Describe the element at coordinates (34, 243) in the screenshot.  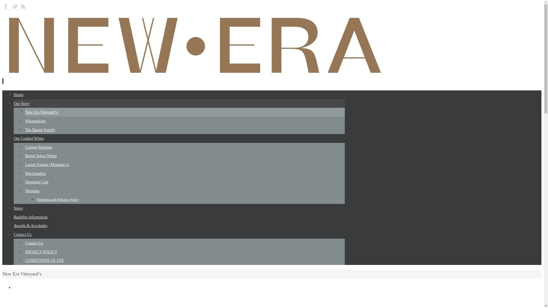
I see `'Contact Us'` at that location.